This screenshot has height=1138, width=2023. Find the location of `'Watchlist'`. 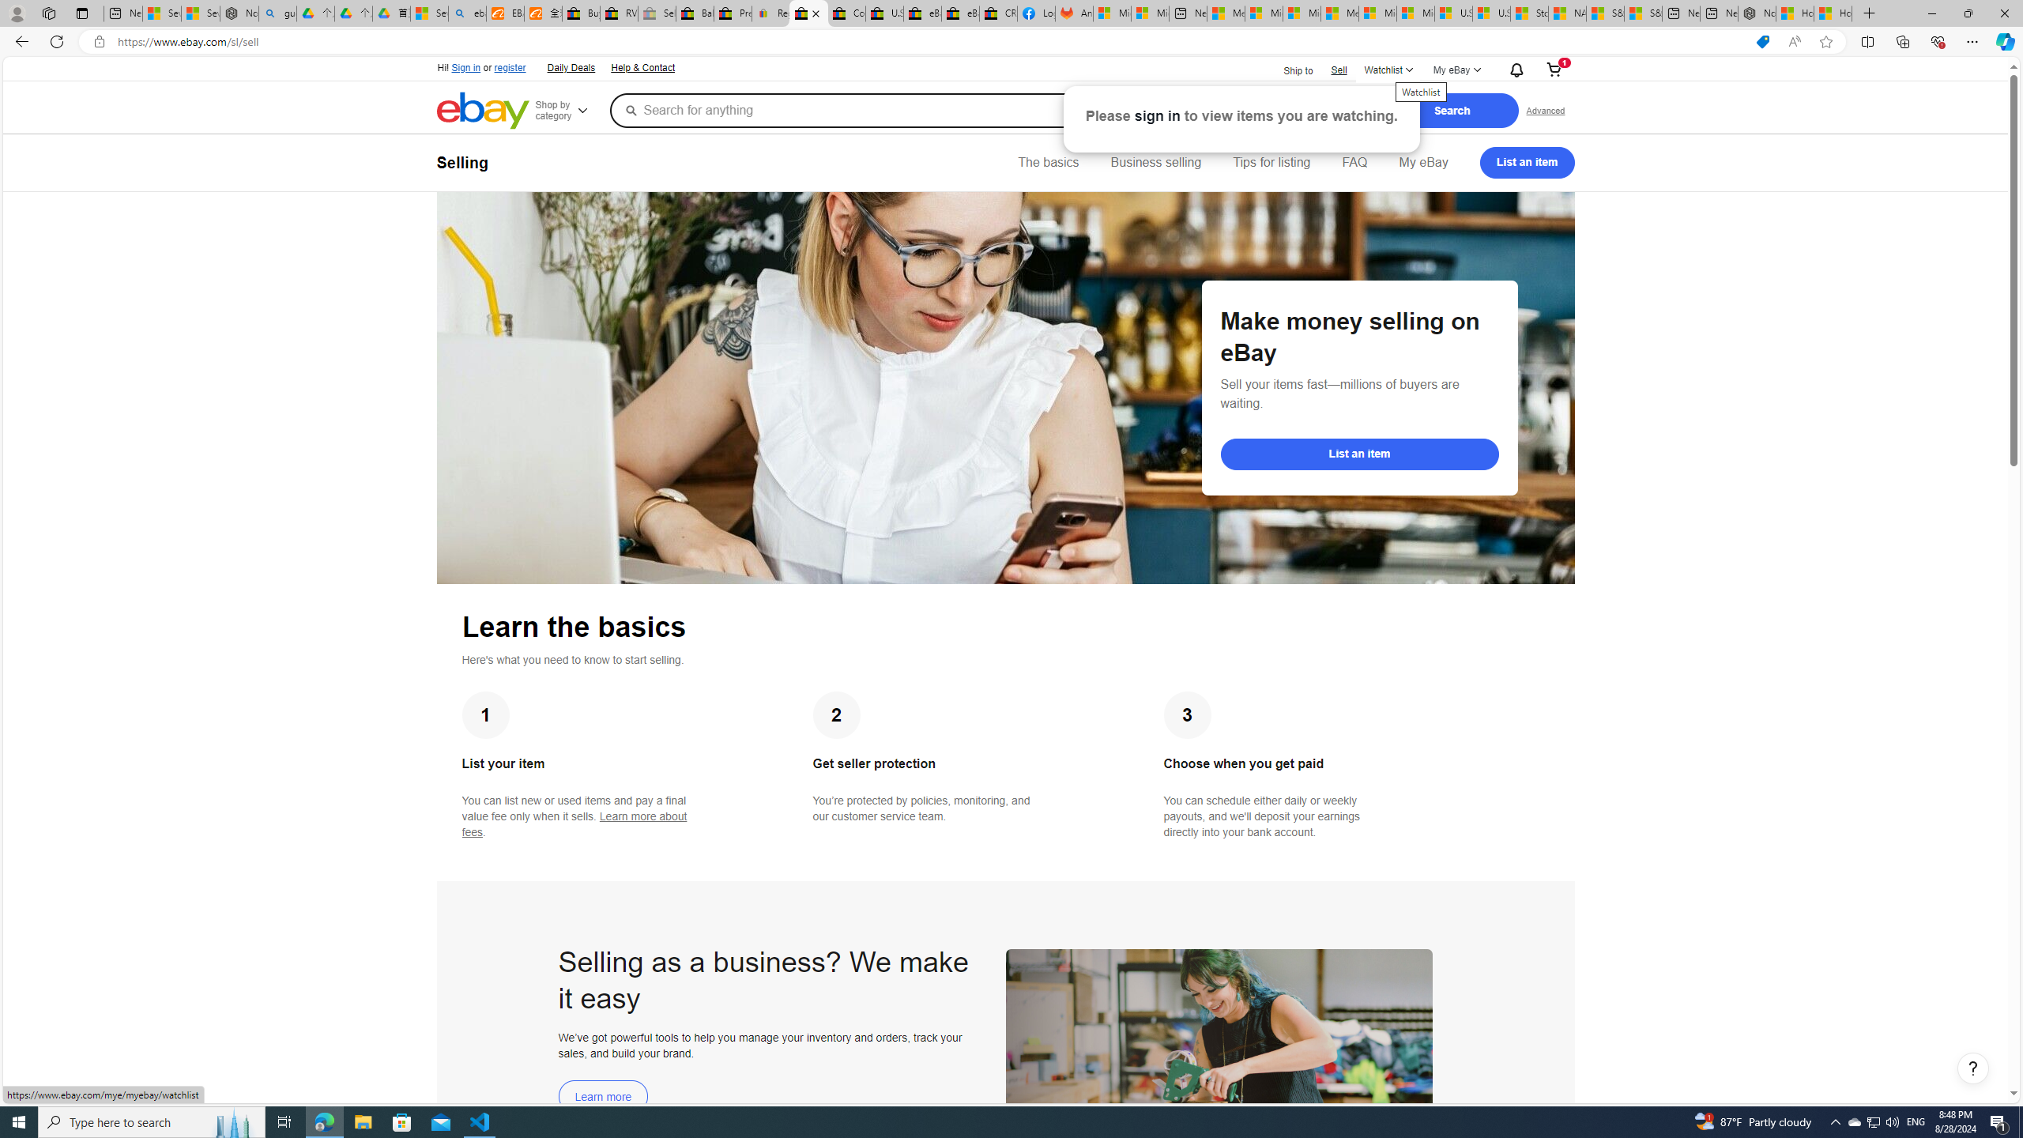

'Watchlist' is located at coordinates (1388, 70).